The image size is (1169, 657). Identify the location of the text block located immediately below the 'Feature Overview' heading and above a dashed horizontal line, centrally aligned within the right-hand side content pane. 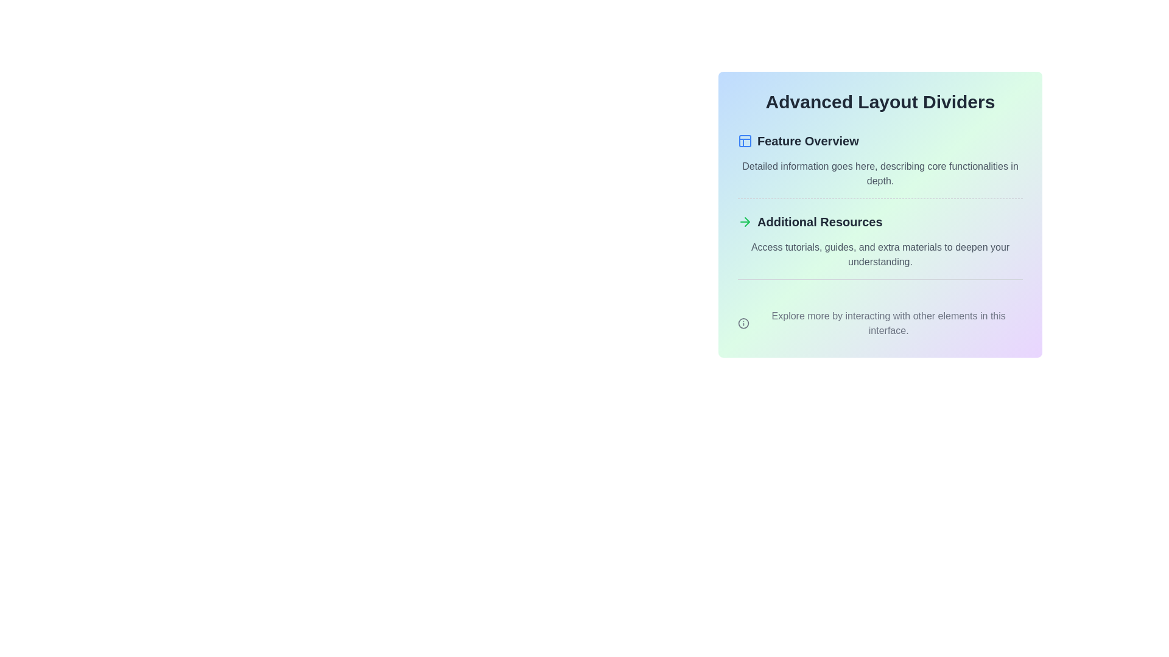
(880, 173).